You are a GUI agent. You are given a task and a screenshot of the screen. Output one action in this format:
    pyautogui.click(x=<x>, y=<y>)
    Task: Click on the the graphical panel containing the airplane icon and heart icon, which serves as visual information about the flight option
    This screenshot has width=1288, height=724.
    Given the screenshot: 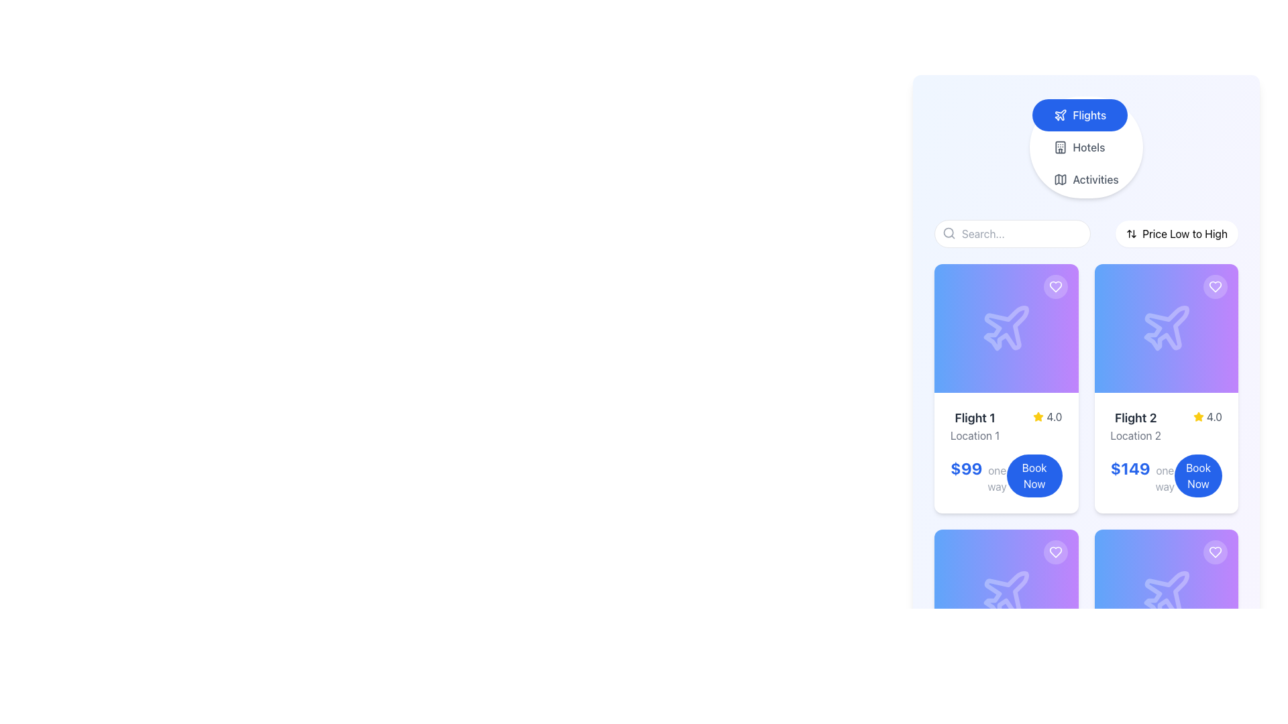 What is the action you would take?
    pyautogui.click(x=1165, y=593)
    